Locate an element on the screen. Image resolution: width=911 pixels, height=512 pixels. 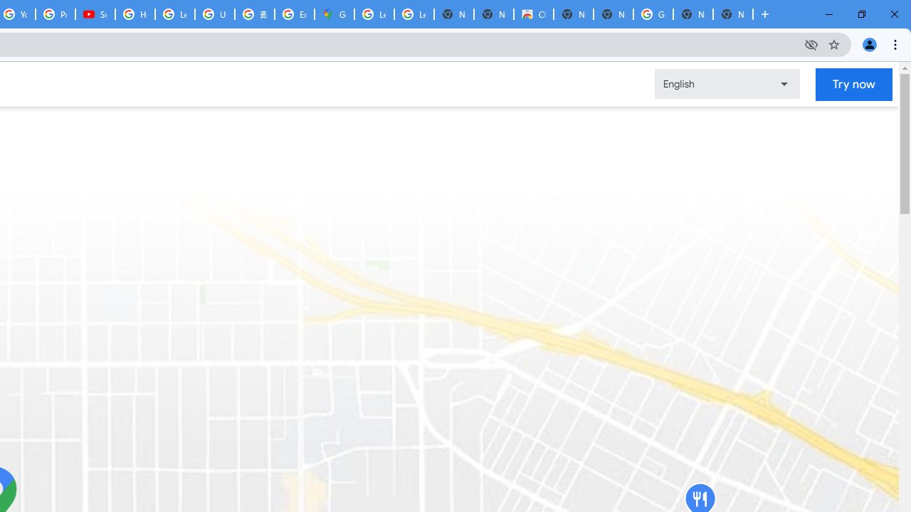
'Chrome Web Store' is located at coordinates (533, 14).